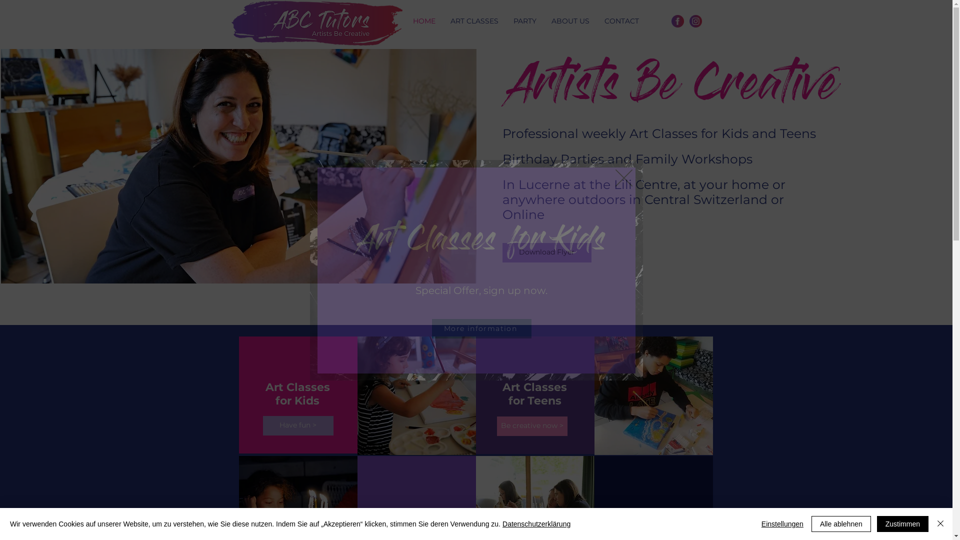 Image resolution: width=960 pixels, height=540 pixels. What do you see at coordinates (902, 523) in the screenshot?
I see `'Zustimmen'` at bounding box center [902, 523].